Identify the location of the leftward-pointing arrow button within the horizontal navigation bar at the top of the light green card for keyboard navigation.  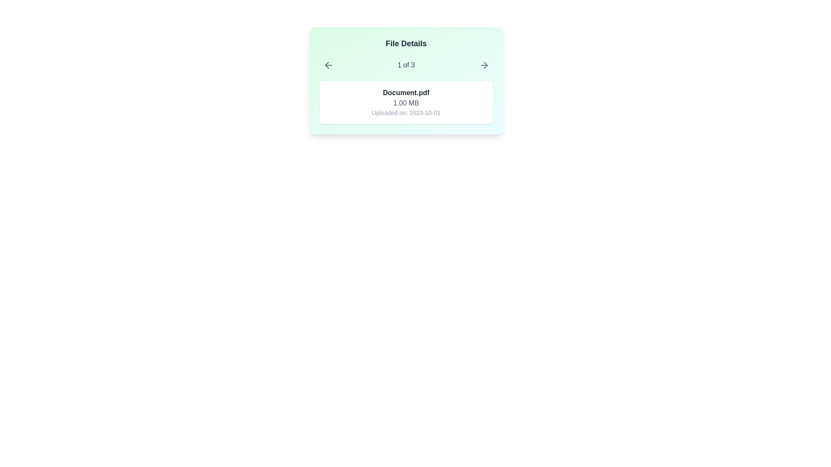
(328, 64).